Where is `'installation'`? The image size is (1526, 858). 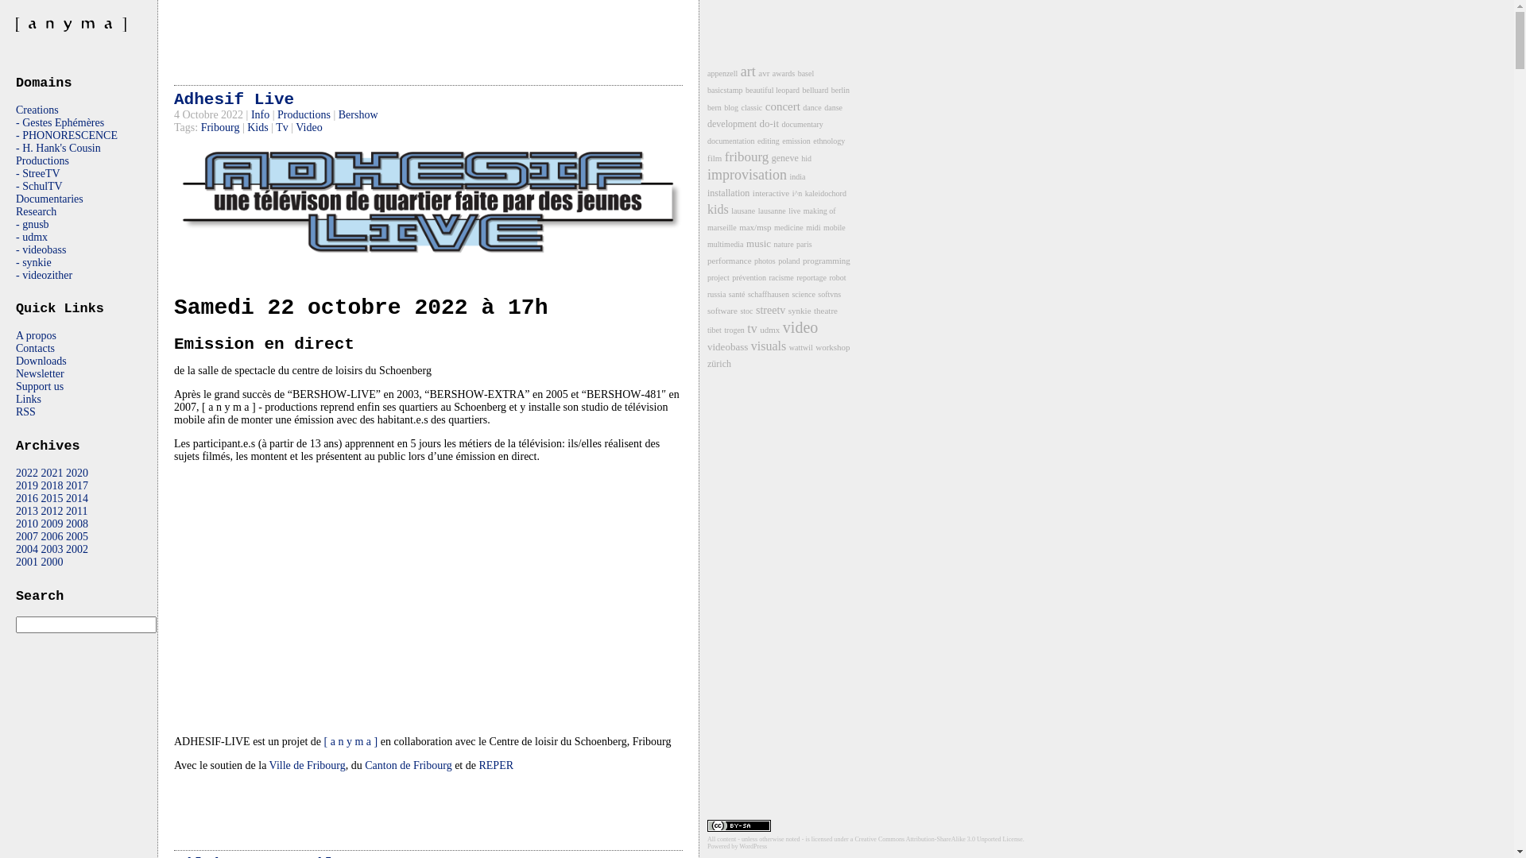 'installation' is located at coordinates (727, 192).